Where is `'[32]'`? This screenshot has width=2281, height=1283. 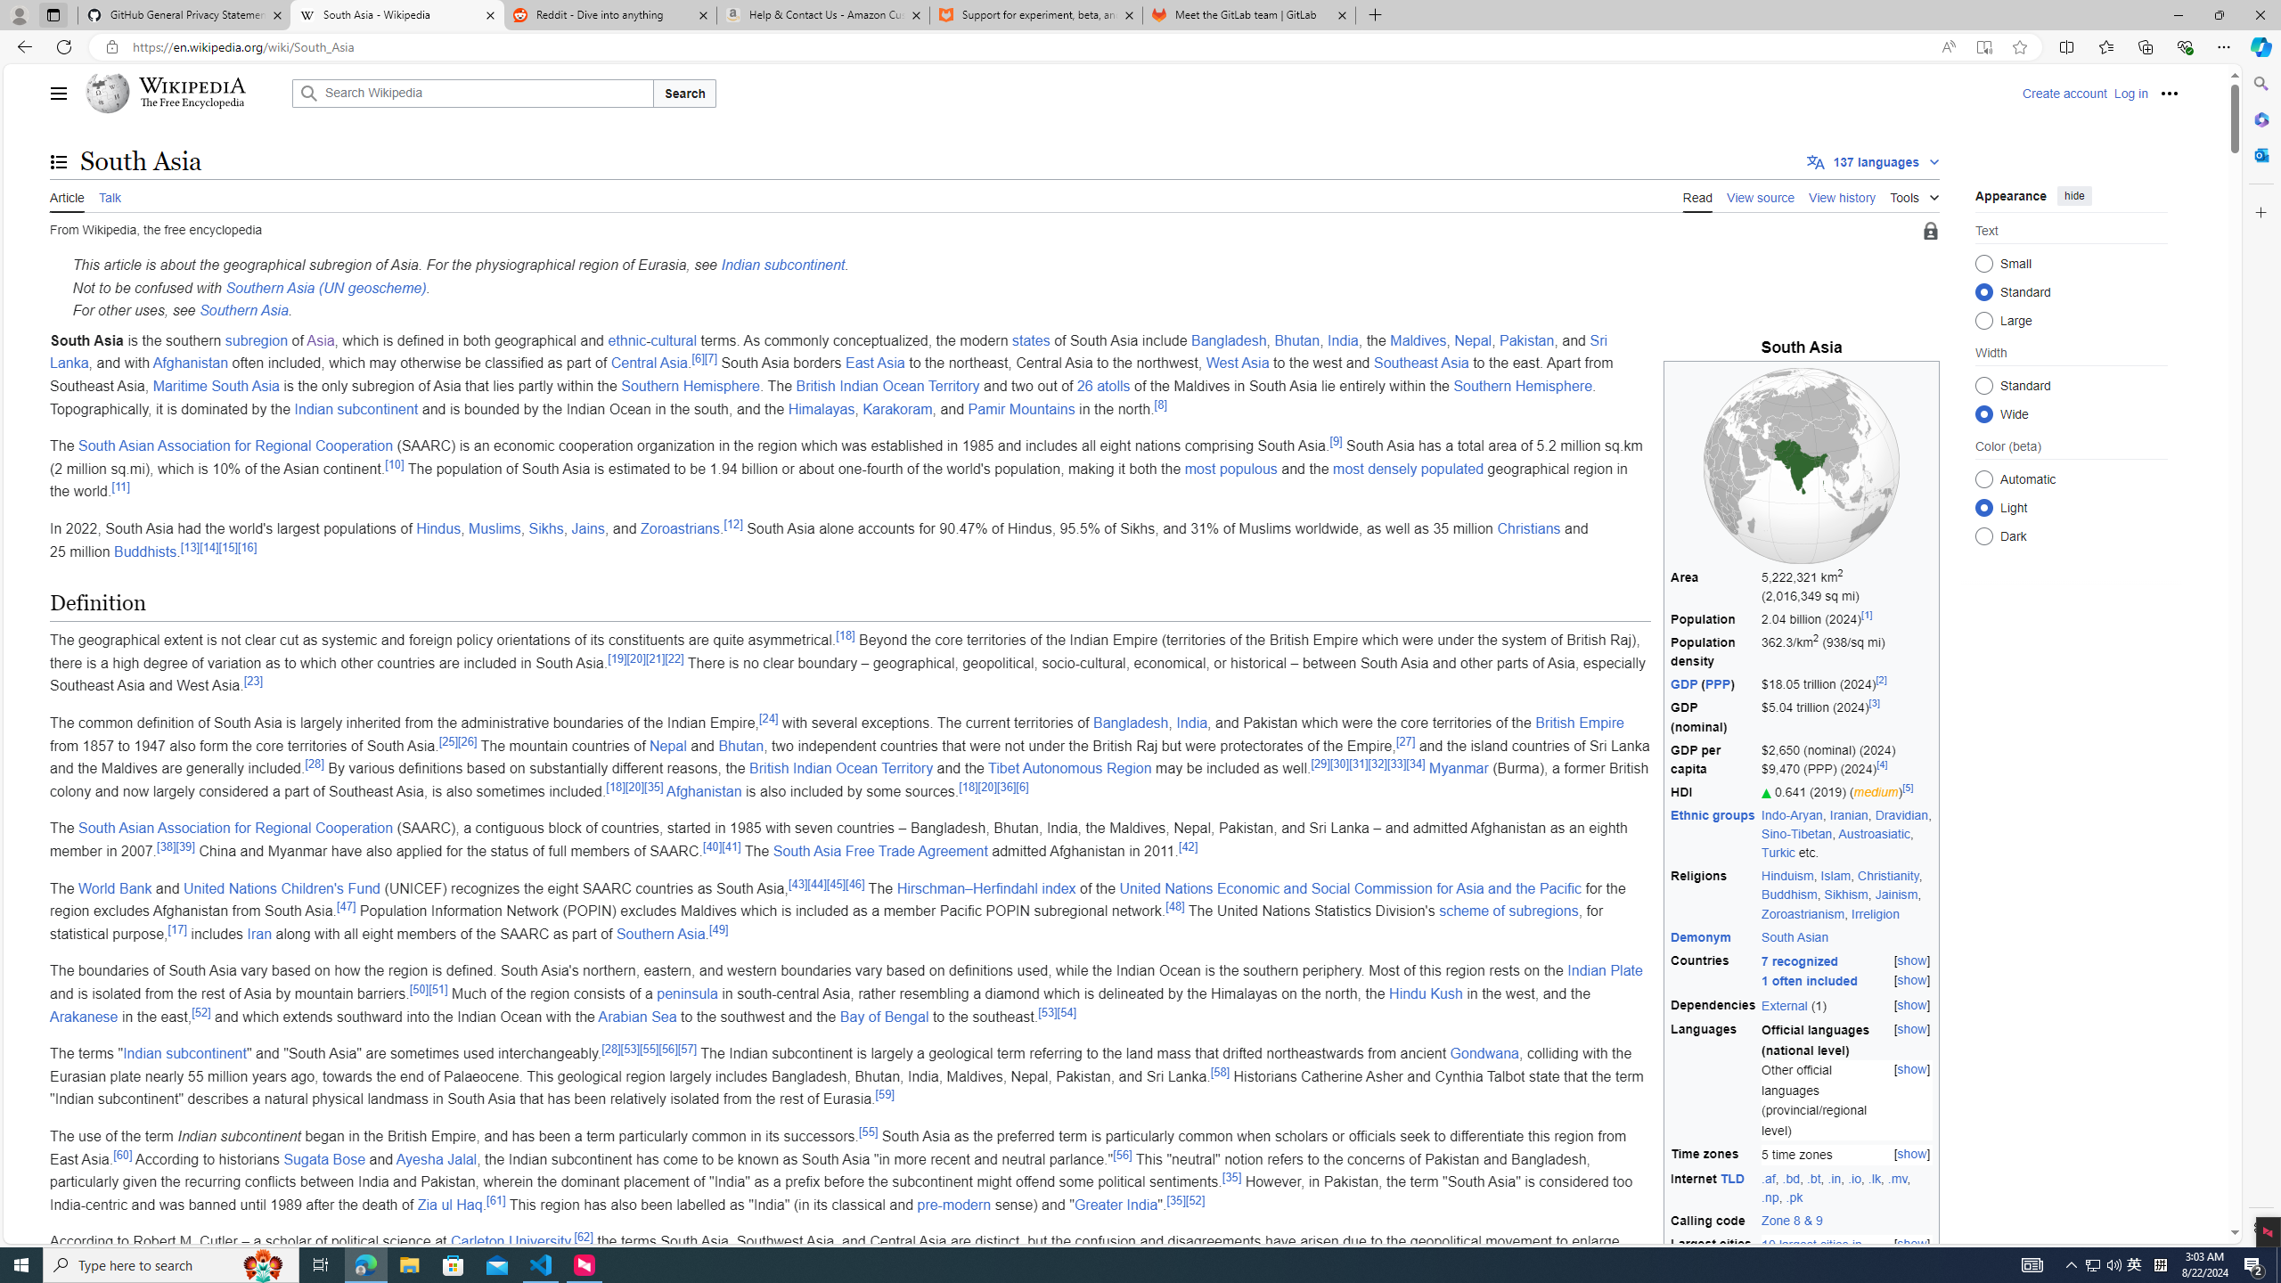
'[32]' is located at coordinates (1377, 764).